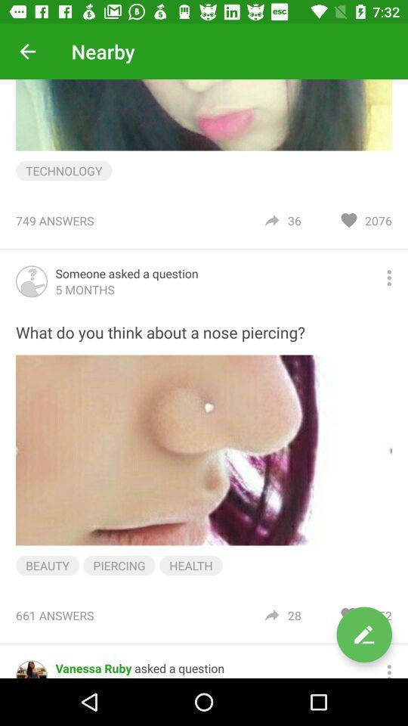 The image size is (408, 726). I want to click on the icon to the right of the 28 item, so click(363, 634).